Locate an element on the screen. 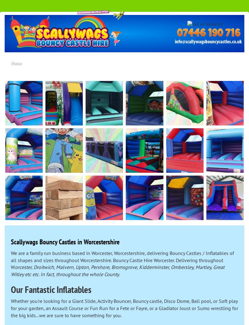 This screenshot has height=325, width=249. 'About Us' is located at coordinates (67, 66).